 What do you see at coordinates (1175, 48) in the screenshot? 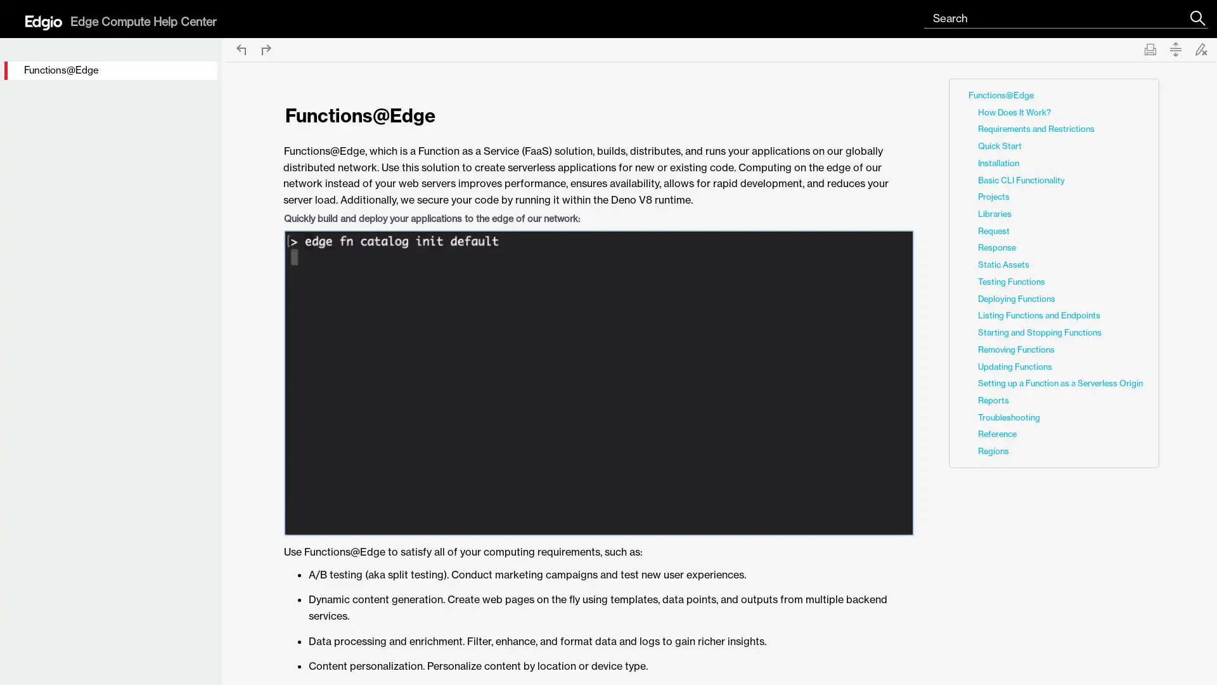
I see `expand all` at bounding box center [1175, 48].